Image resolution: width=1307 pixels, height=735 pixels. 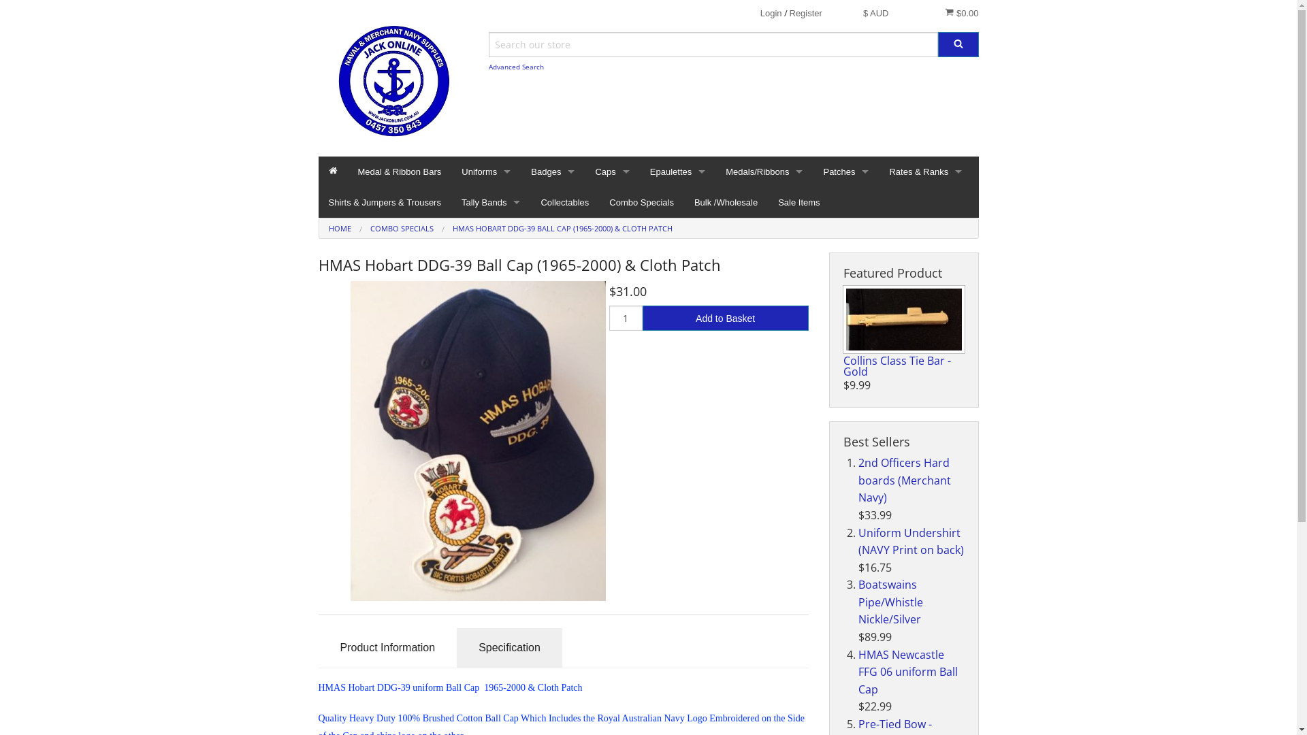 I want to click on 'Gold Wire Badges', so click(x=845, y=250).